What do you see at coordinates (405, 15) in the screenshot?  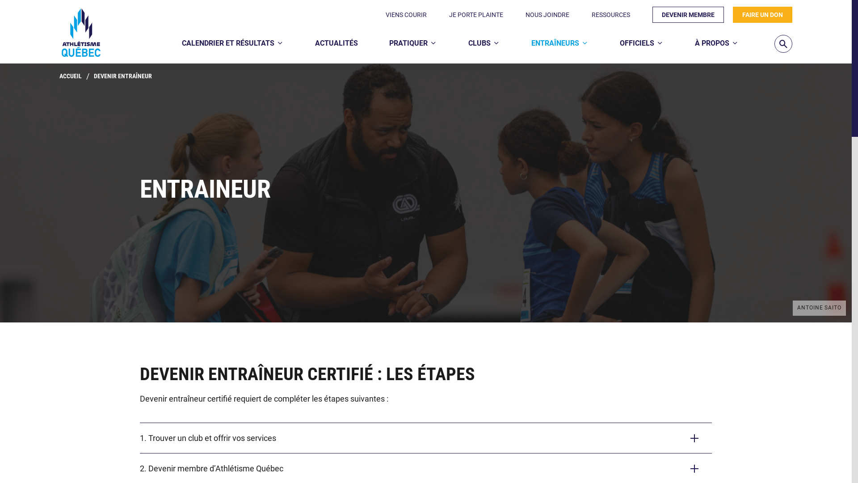 I see `'VIENS COURIR'` at bounding box center [405, 15].